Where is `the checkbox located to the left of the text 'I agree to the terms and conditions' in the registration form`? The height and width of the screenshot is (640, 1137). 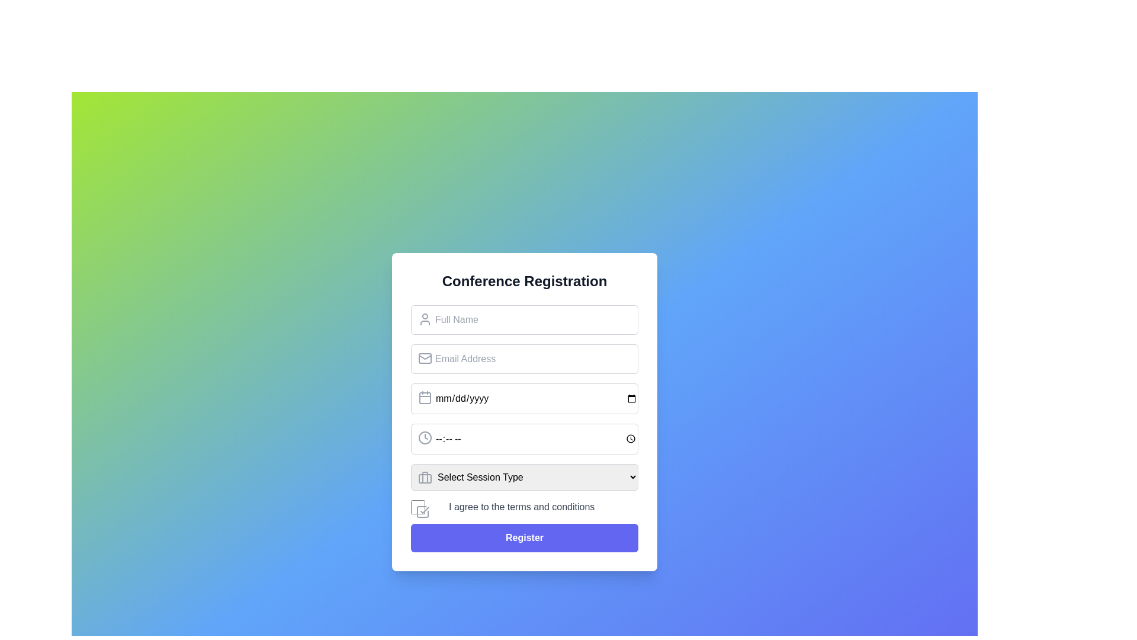
the checkbox located to the left of the text 'I agree to the terms and conditions' in the registration form is located at coordinates (417, 507).